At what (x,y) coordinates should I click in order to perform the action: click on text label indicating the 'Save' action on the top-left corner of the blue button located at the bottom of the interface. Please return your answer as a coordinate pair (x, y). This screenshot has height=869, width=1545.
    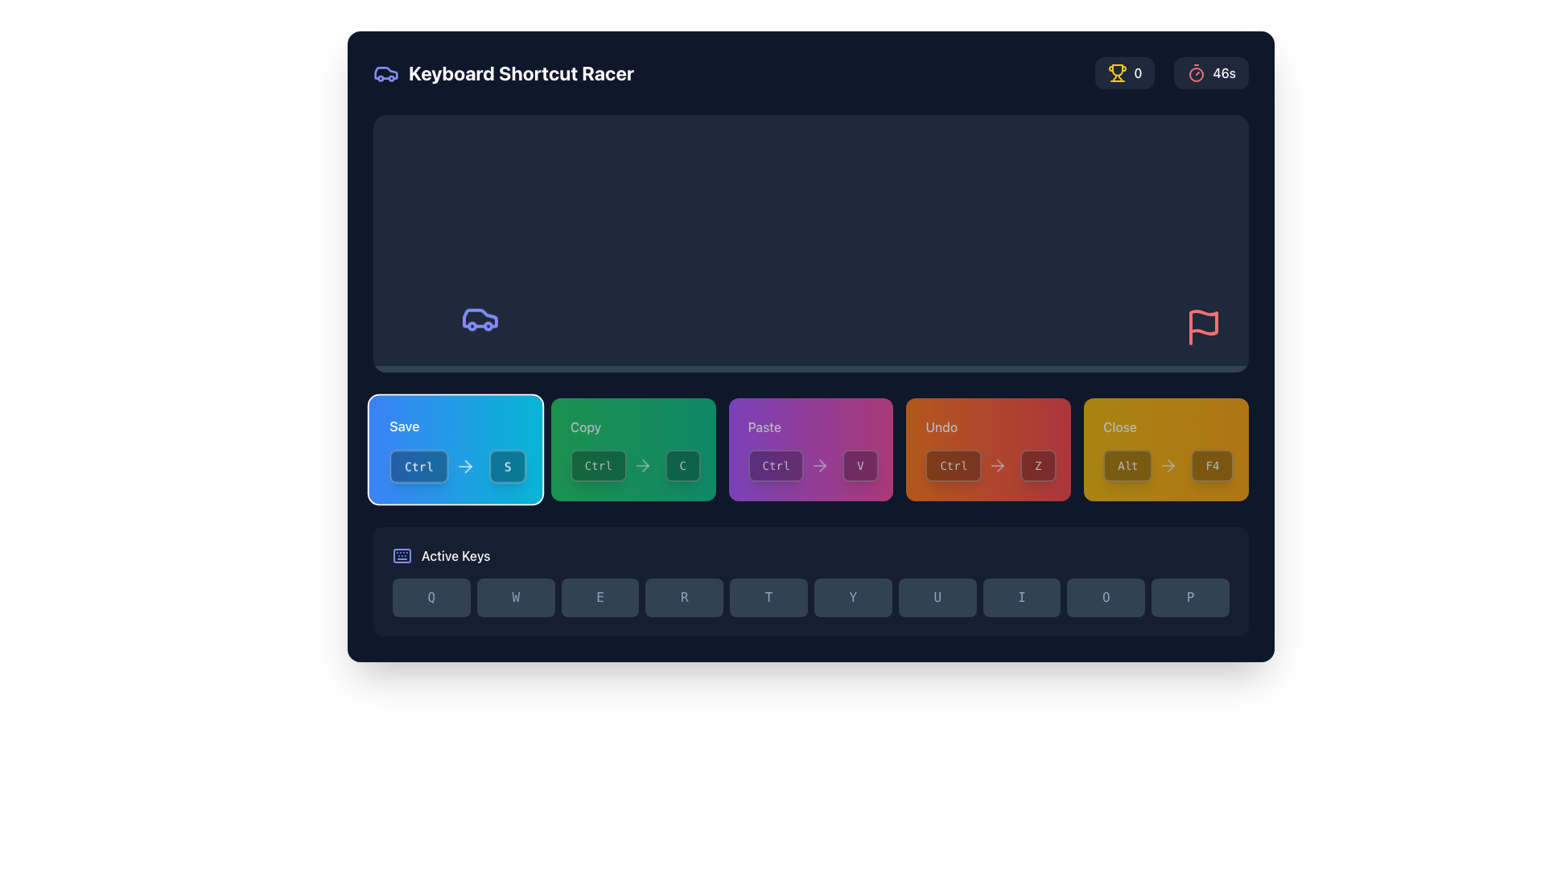
    Looking at the image, I should click on (404, 425).